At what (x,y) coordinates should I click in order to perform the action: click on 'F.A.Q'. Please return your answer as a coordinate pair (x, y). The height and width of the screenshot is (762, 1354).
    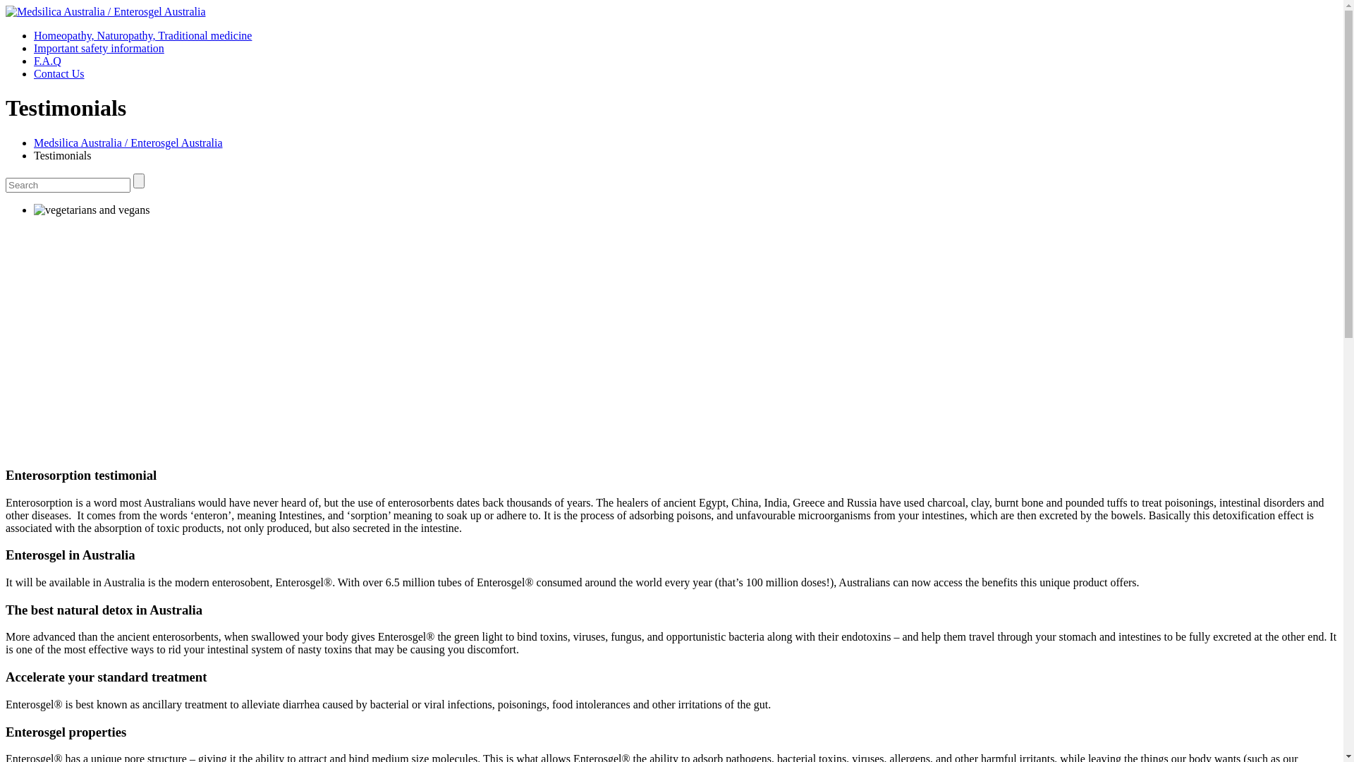
    Looking at the image, I should click on (34, 60).